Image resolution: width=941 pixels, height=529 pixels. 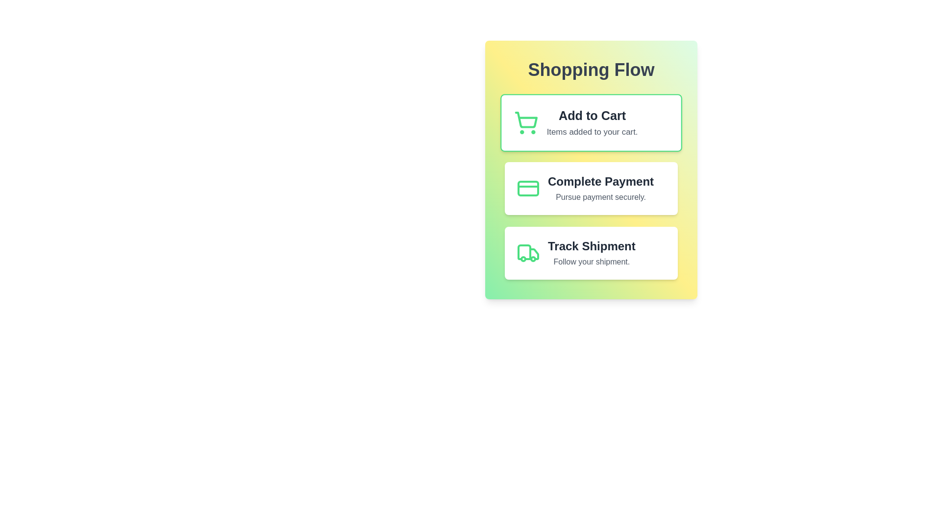 What do you see at coordinates (528, 189) in the screenshot?
I see `the icon of the step Complete Payment` at bounding box center [528, 189].